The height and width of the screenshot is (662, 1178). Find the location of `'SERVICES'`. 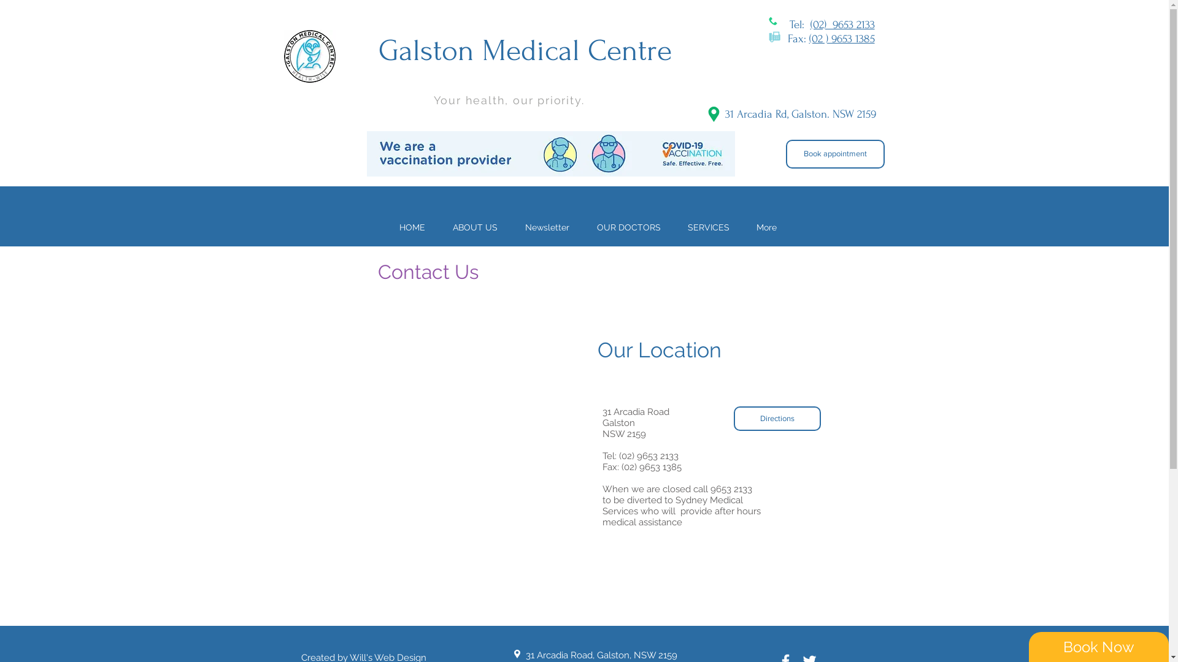

'SERVICES' is located at coordinates (673, 227).